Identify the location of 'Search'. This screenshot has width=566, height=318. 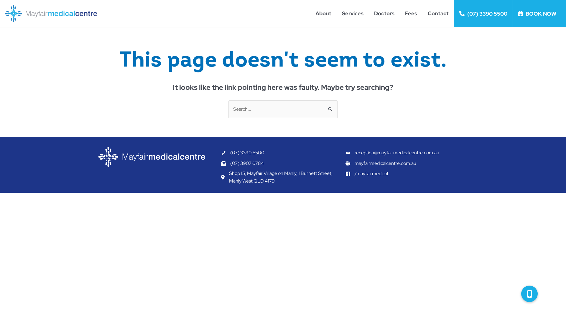
(331, 107).